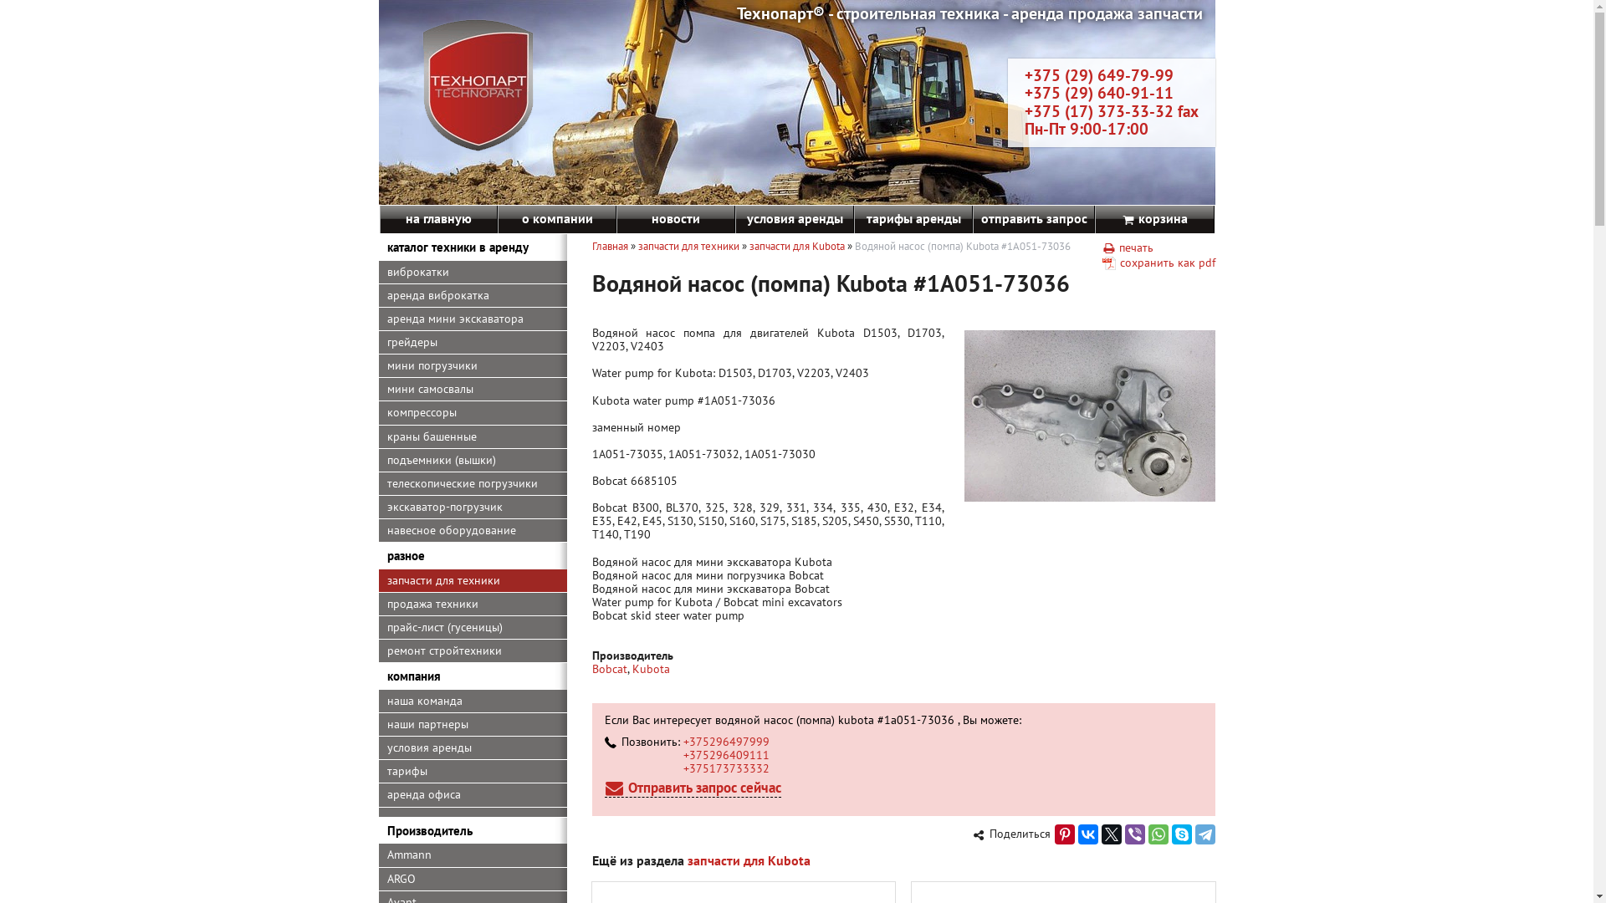  I want to click on 'WhatsApp', so click(1156, 834).